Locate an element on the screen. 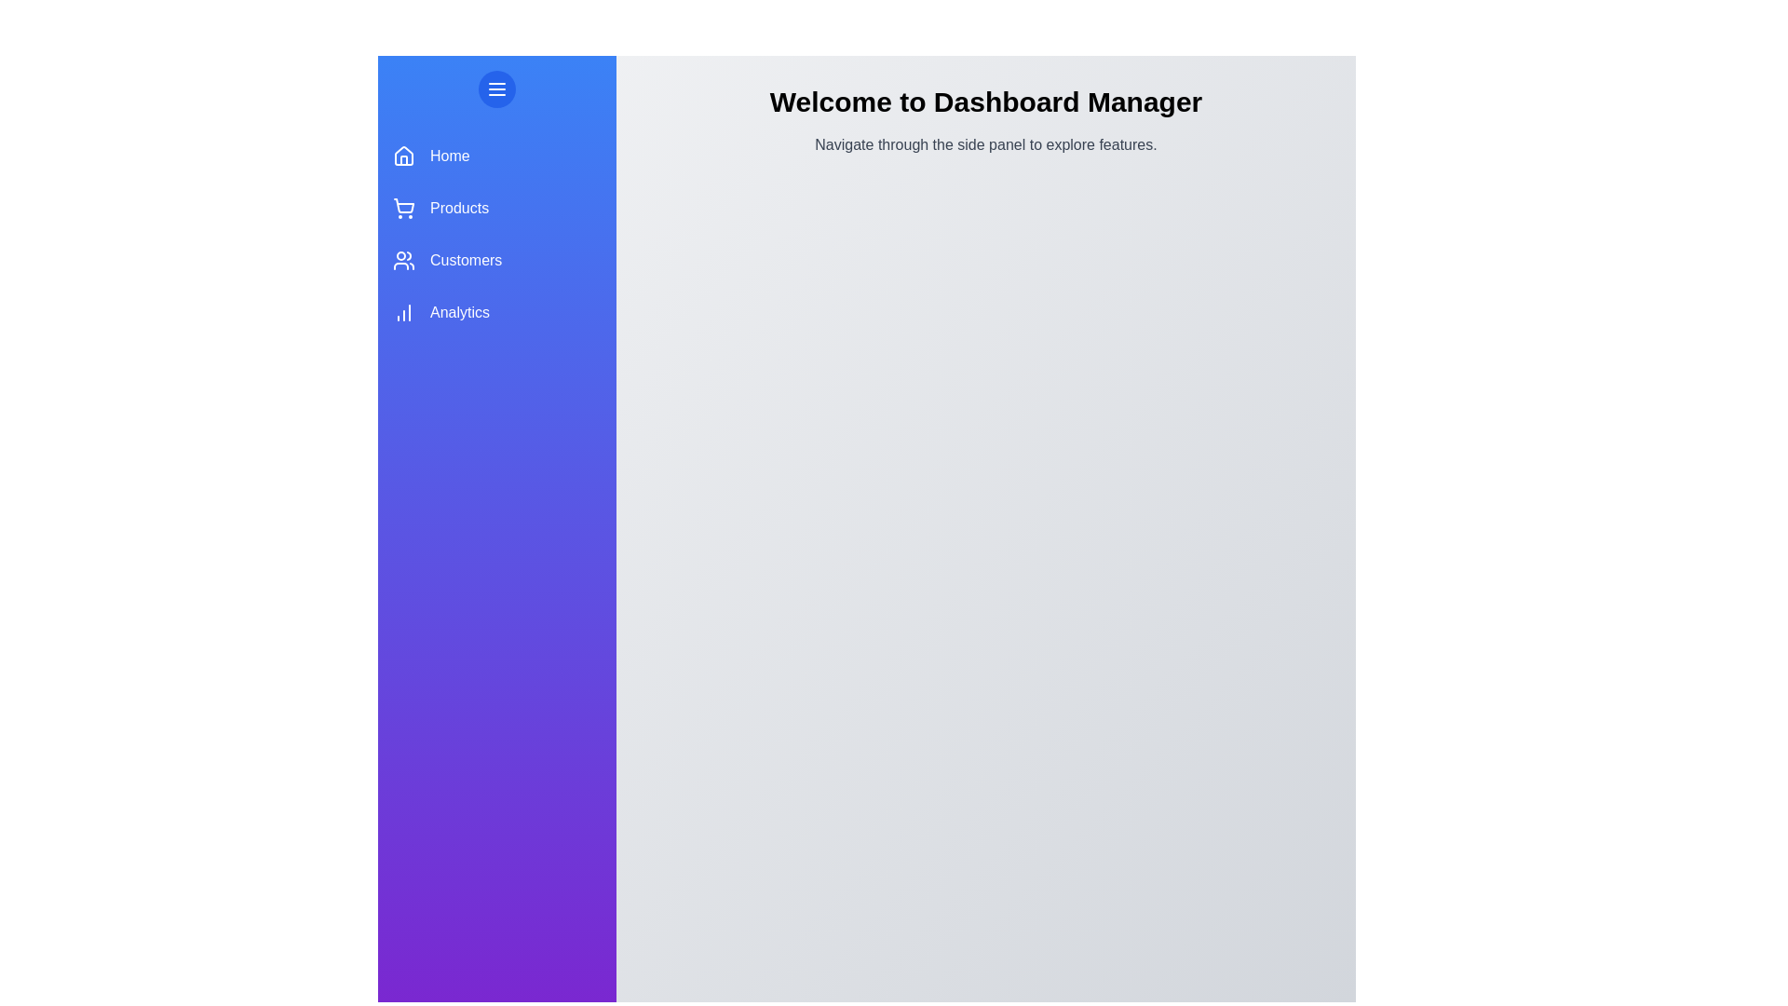 The image size is (1788, 1006). the sidebar section Products is located at coordinates (496, 208).